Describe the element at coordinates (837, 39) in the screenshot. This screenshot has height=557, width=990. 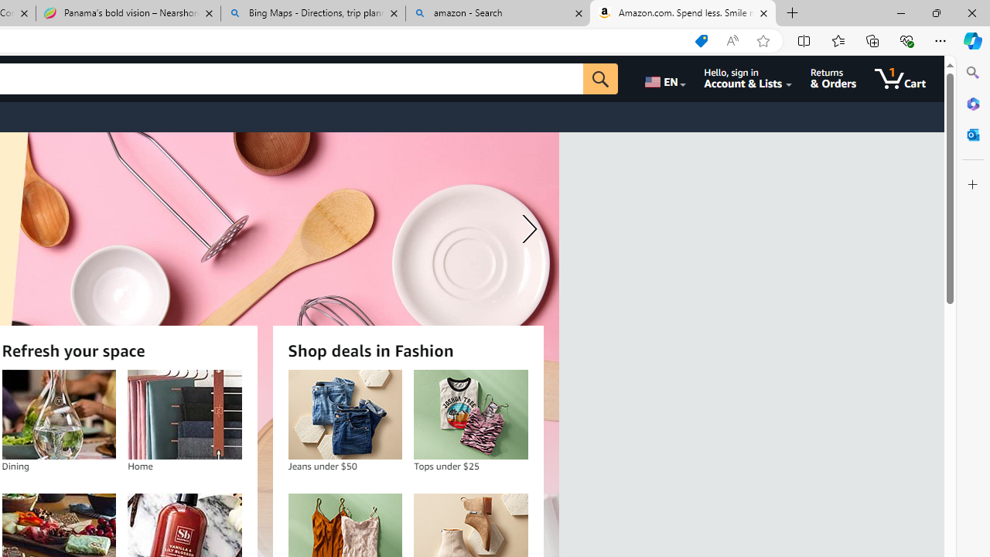
I see `'Favorites'` at that location.